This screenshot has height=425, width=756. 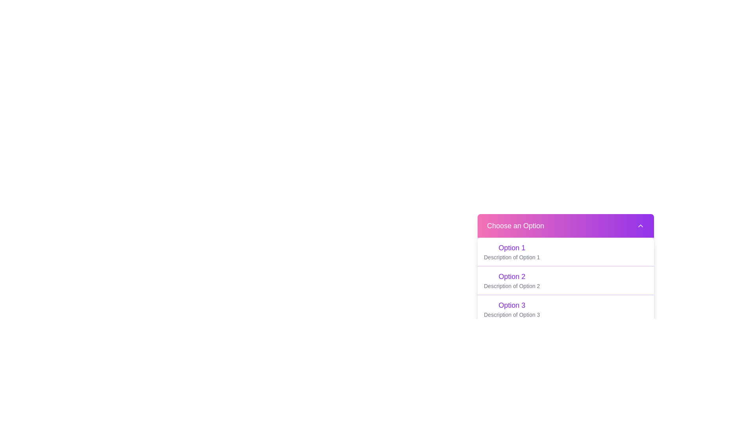 What do you see at coordinates (512, 305) in the screenshot?
I see `the text label for the third option in the dropdown list, which is positioned directly above the description of 'Description of Option 3'` at bounding box center [512, 305].